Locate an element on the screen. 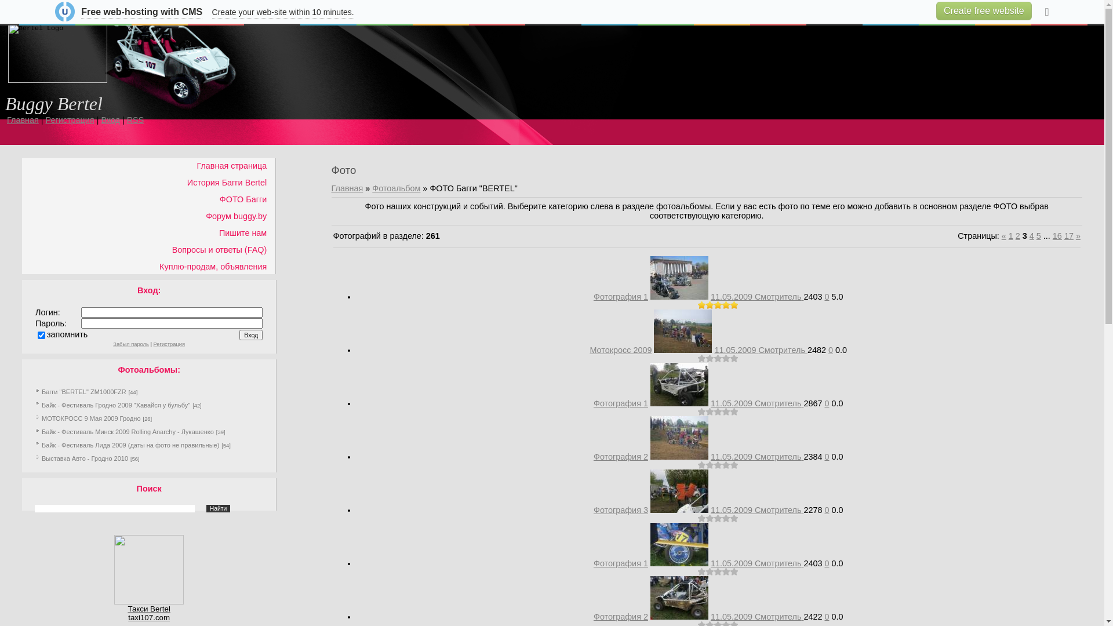 This screenshot has height=626, width=1113. '17' is located at coordinates (1064, 235).